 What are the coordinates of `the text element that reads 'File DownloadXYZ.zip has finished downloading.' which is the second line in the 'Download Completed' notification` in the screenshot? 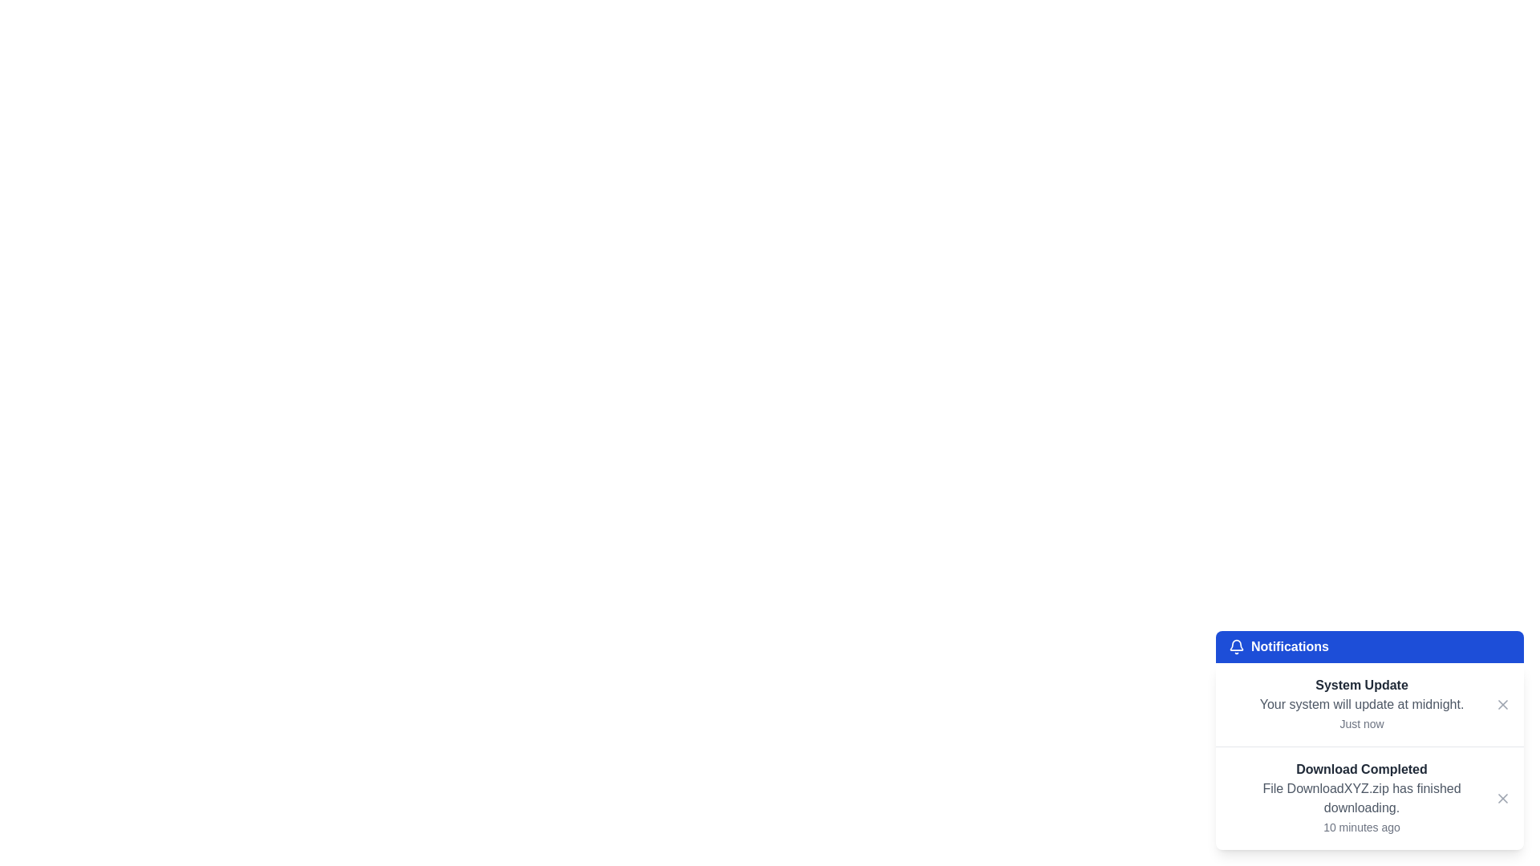 It's located at (1361, 798).